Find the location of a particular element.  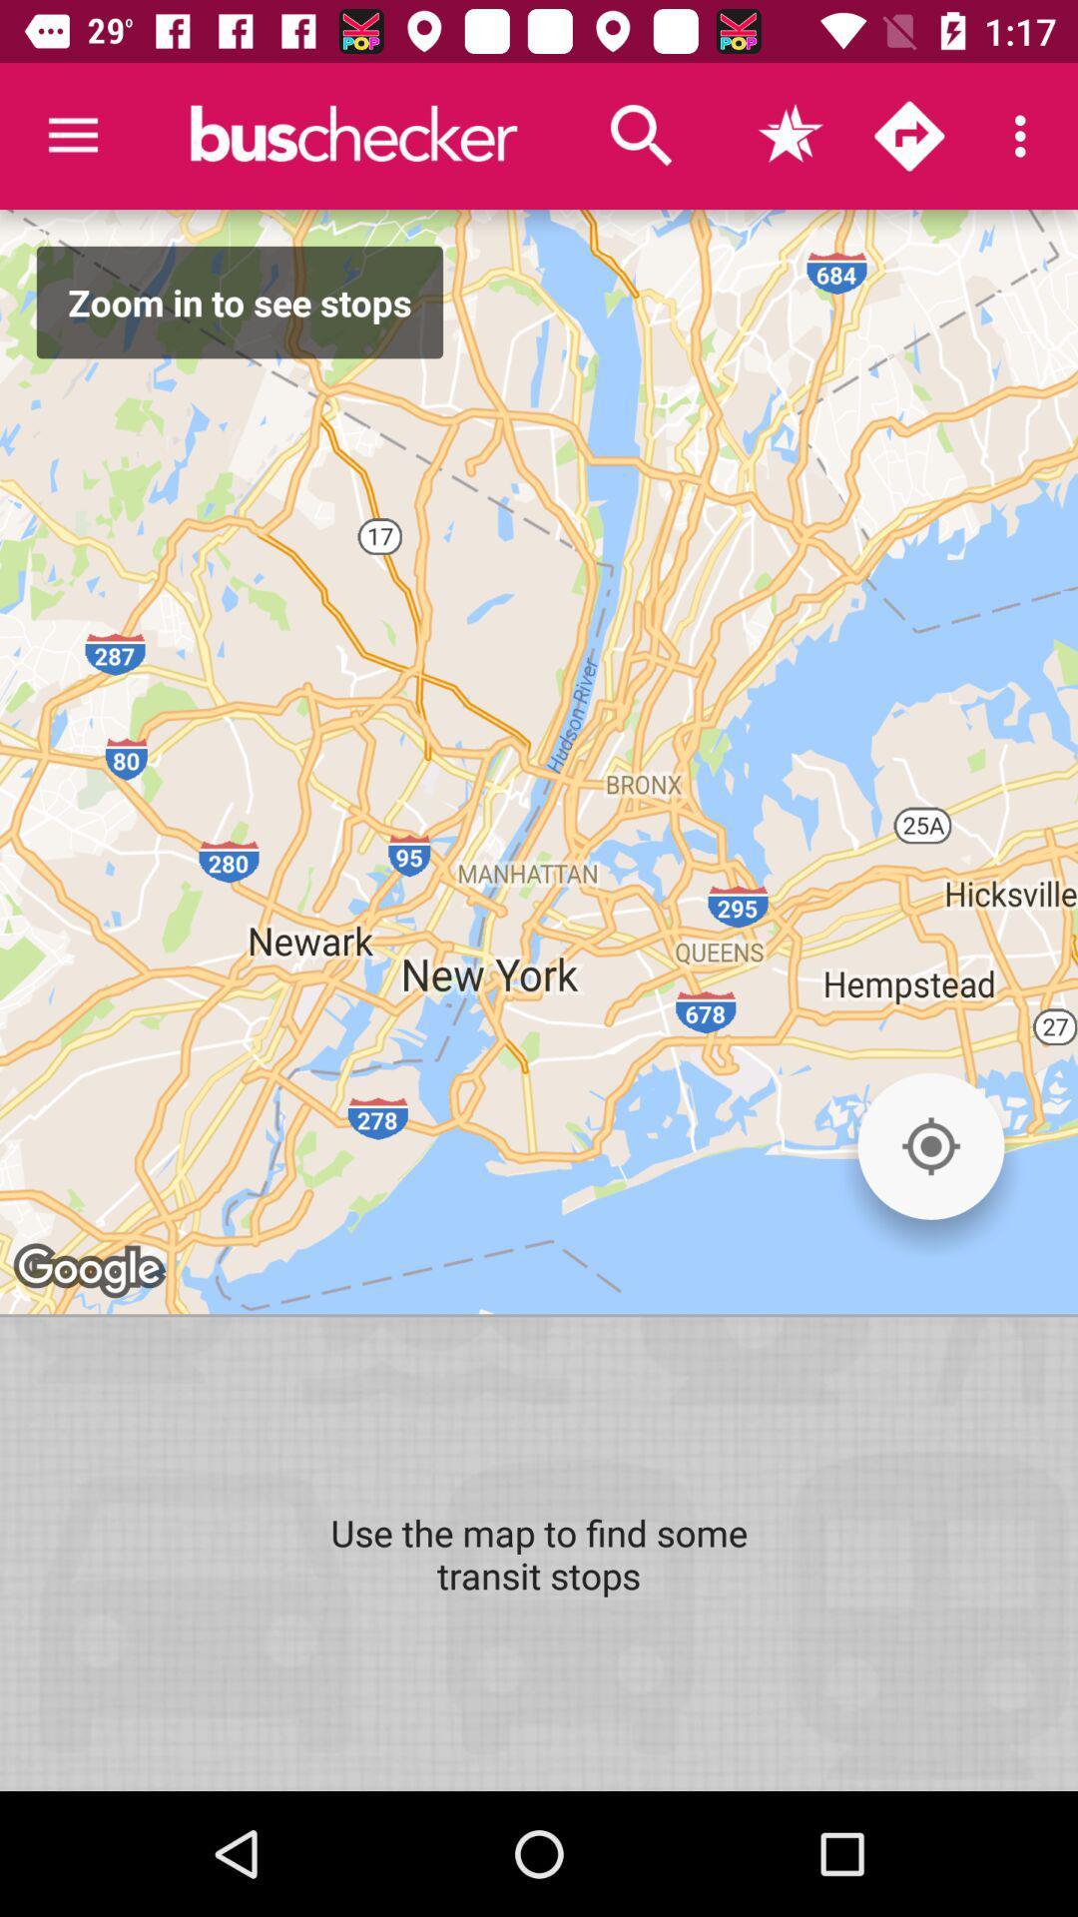

the more options symbol is located at coordinates (1025, 136).